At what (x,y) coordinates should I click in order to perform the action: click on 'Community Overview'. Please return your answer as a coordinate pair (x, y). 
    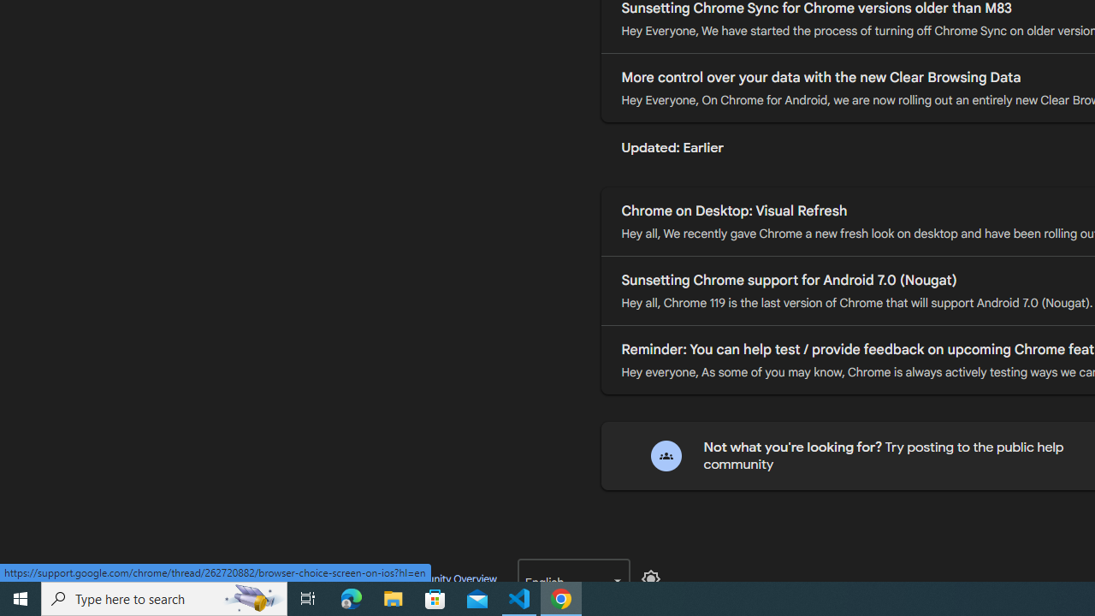
    Looking at the image, I should click on (447, 577).